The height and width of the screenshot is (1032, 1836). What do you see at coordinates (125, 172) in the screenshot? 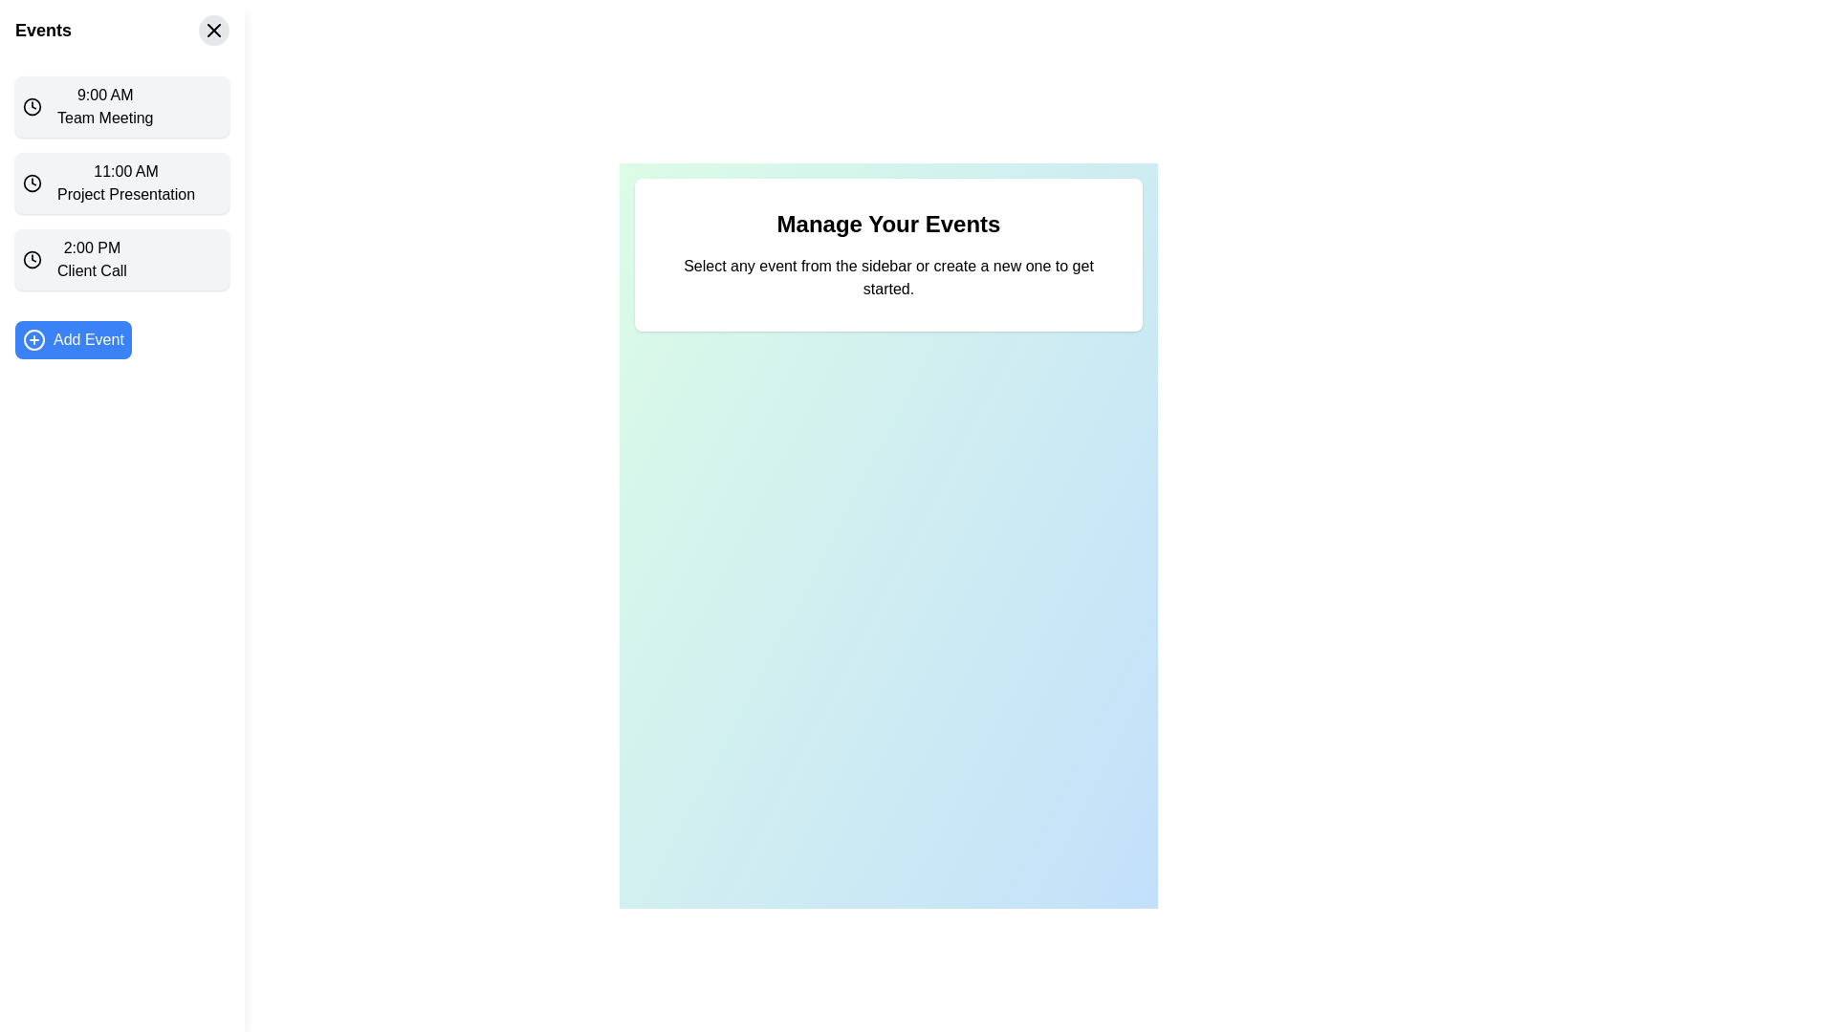
I see `the time information displayed as '11:00 AM' in bold black font in the left sidebar, which is part of a compact event list entry` at bounding box center [125, 172].